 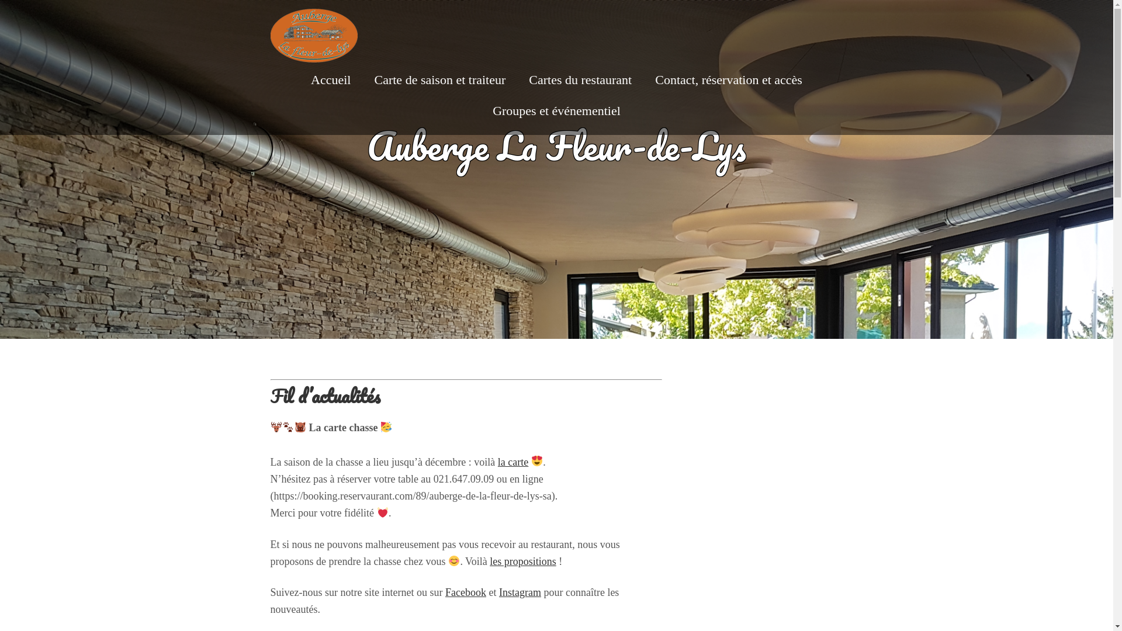 I want to click on 'Cartes du restaurant', so click(x=528, y=79).